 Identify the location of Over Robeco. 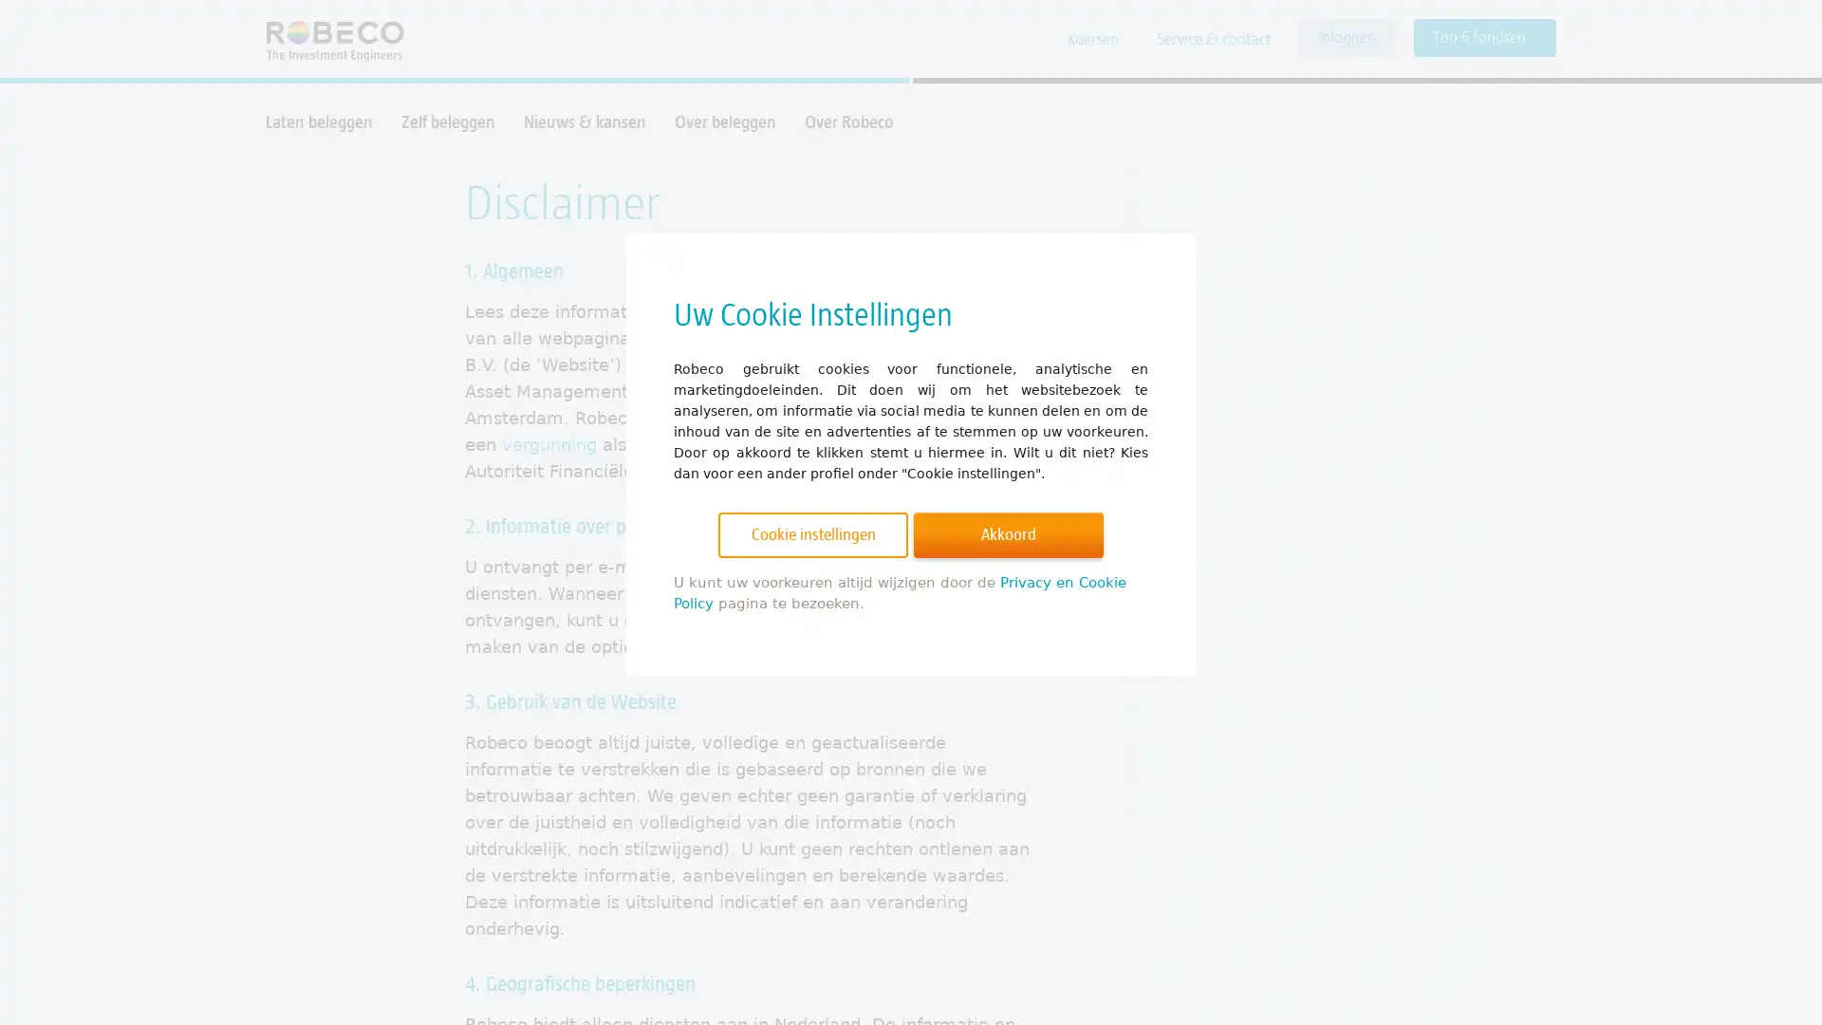
(847, 121).